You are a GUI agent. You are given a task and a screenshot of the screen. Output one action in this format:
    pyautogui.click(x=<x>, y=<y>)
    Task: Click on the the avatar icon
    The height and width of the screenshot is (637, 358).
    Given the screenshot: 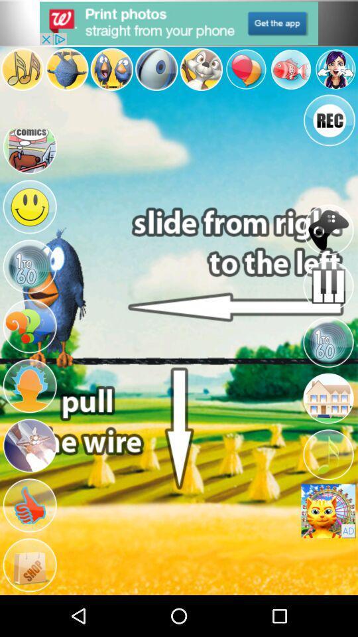 What is the action you would take?
    pyautogui.click(x=335, y=74)
    